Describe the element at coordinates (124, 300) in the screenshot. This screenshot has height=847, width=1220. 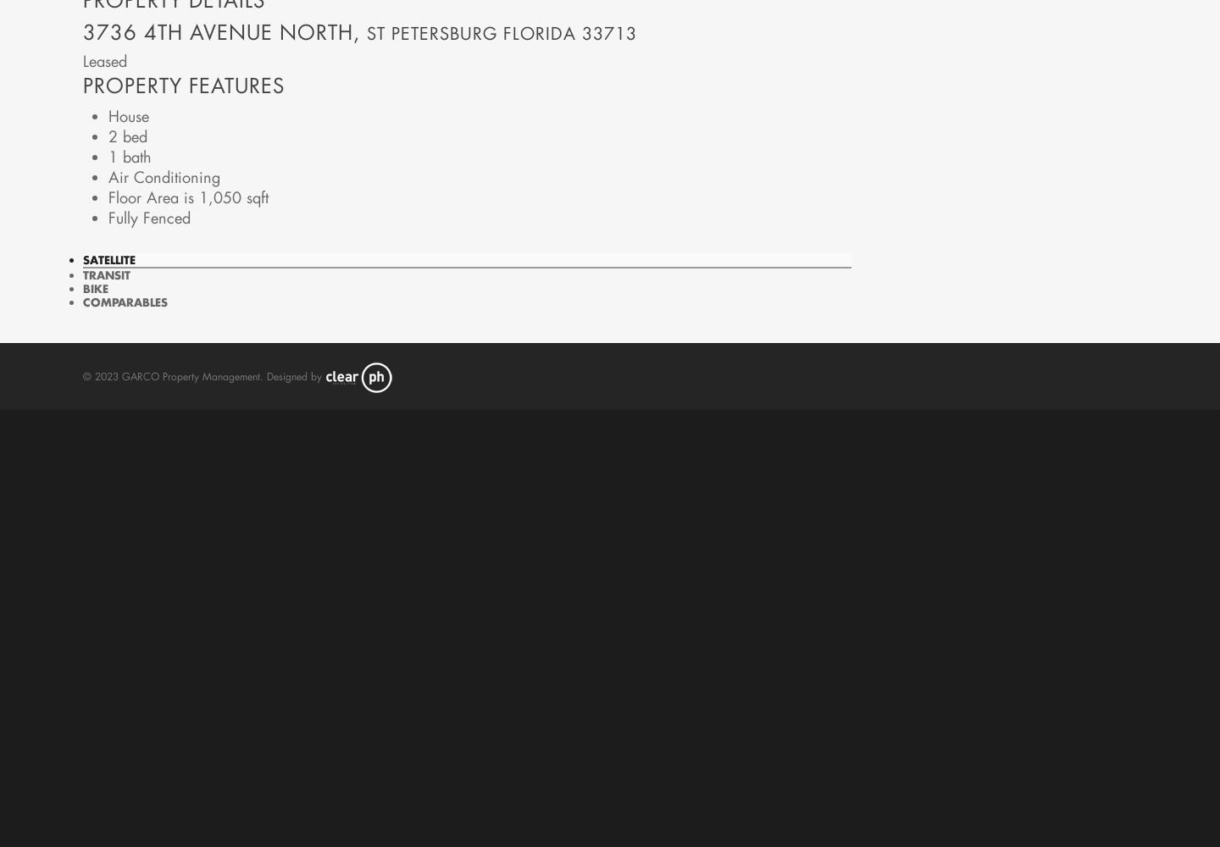
I see `'Comparables'` at that location.